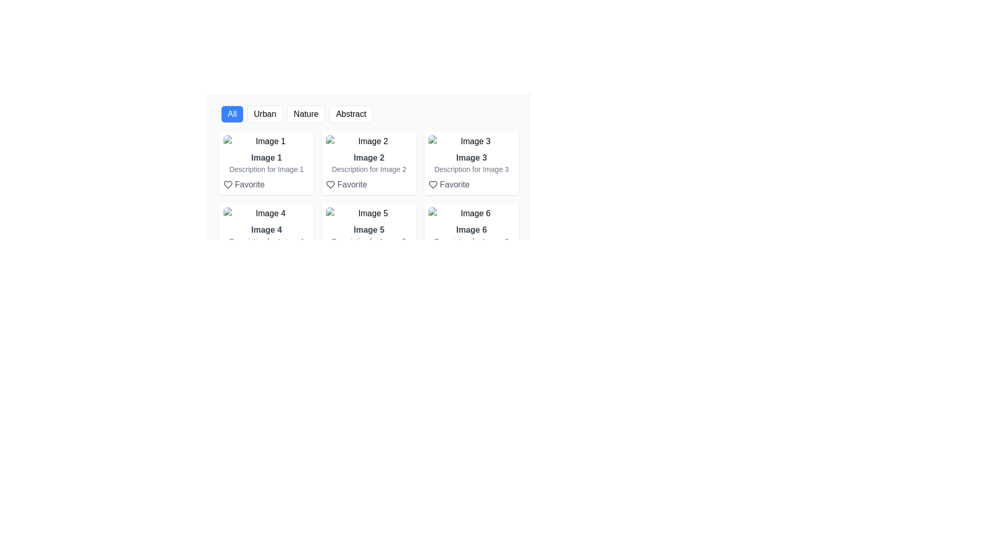 This screenshot has height=556, width=989. What do you see at coordinates (369, 170) in the screenshot?
I see `the favorite button of the composite card titled 'Image 2', which is the second item in a 2x3 grid layout, using keyboard navigation` at bounding box center [369, 170].